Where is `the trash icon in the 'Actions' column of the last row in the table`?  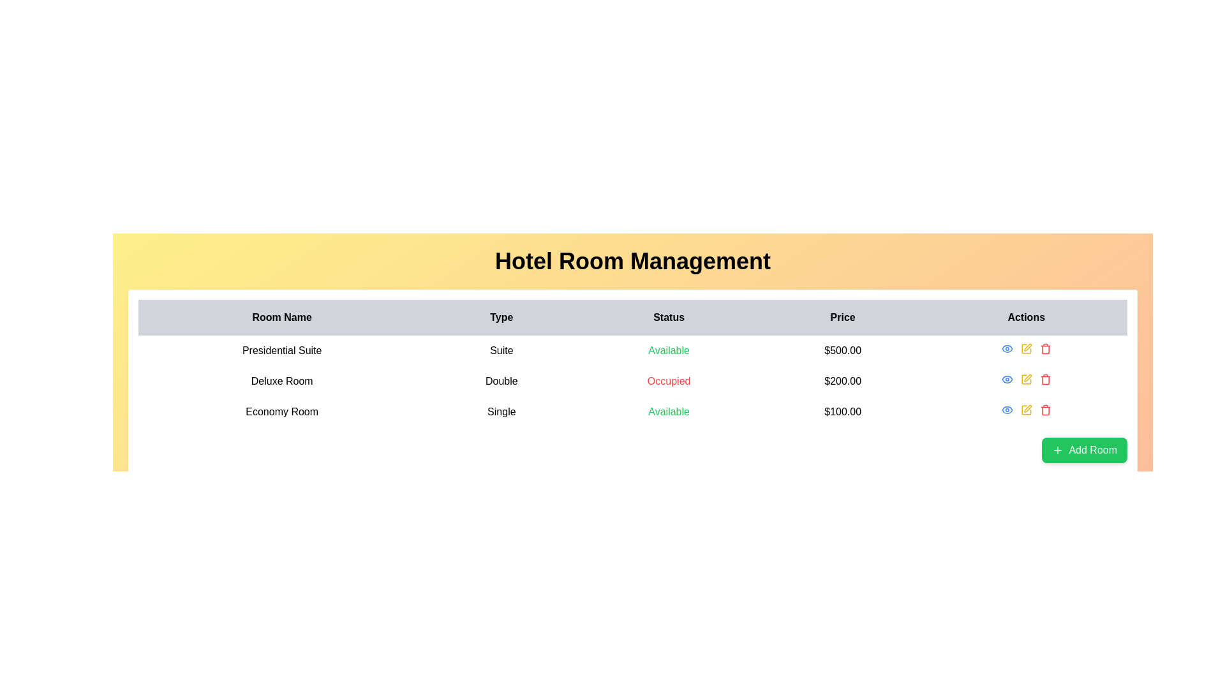
the trash icon in the 'Actions' column of the last row in the table is located at coordinates (1045, 411).